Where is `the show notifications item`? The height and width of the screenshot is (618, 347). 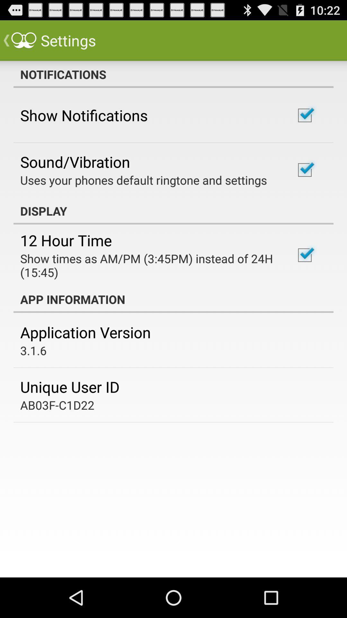
the show notifications item is located at coordinates (84, 115).